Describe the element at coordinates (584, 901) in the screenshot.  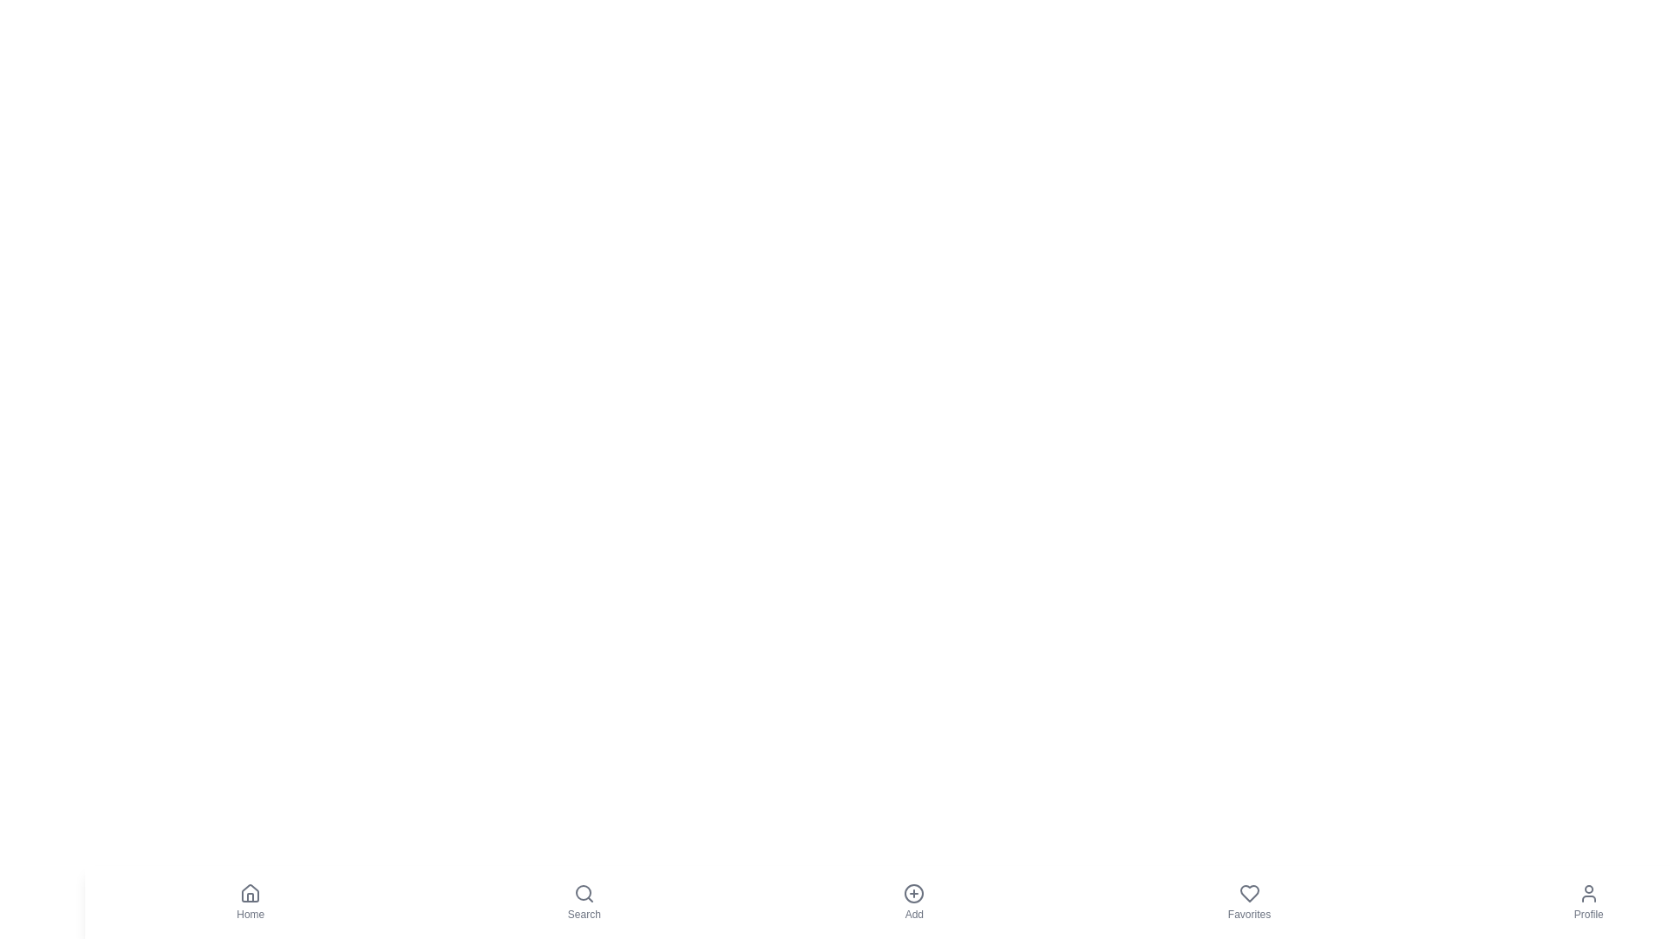
I see `the 'Search' button located in the navigation bar, which features a circular magnifying glass icon above the text 'Search', to initiate search` at that location.